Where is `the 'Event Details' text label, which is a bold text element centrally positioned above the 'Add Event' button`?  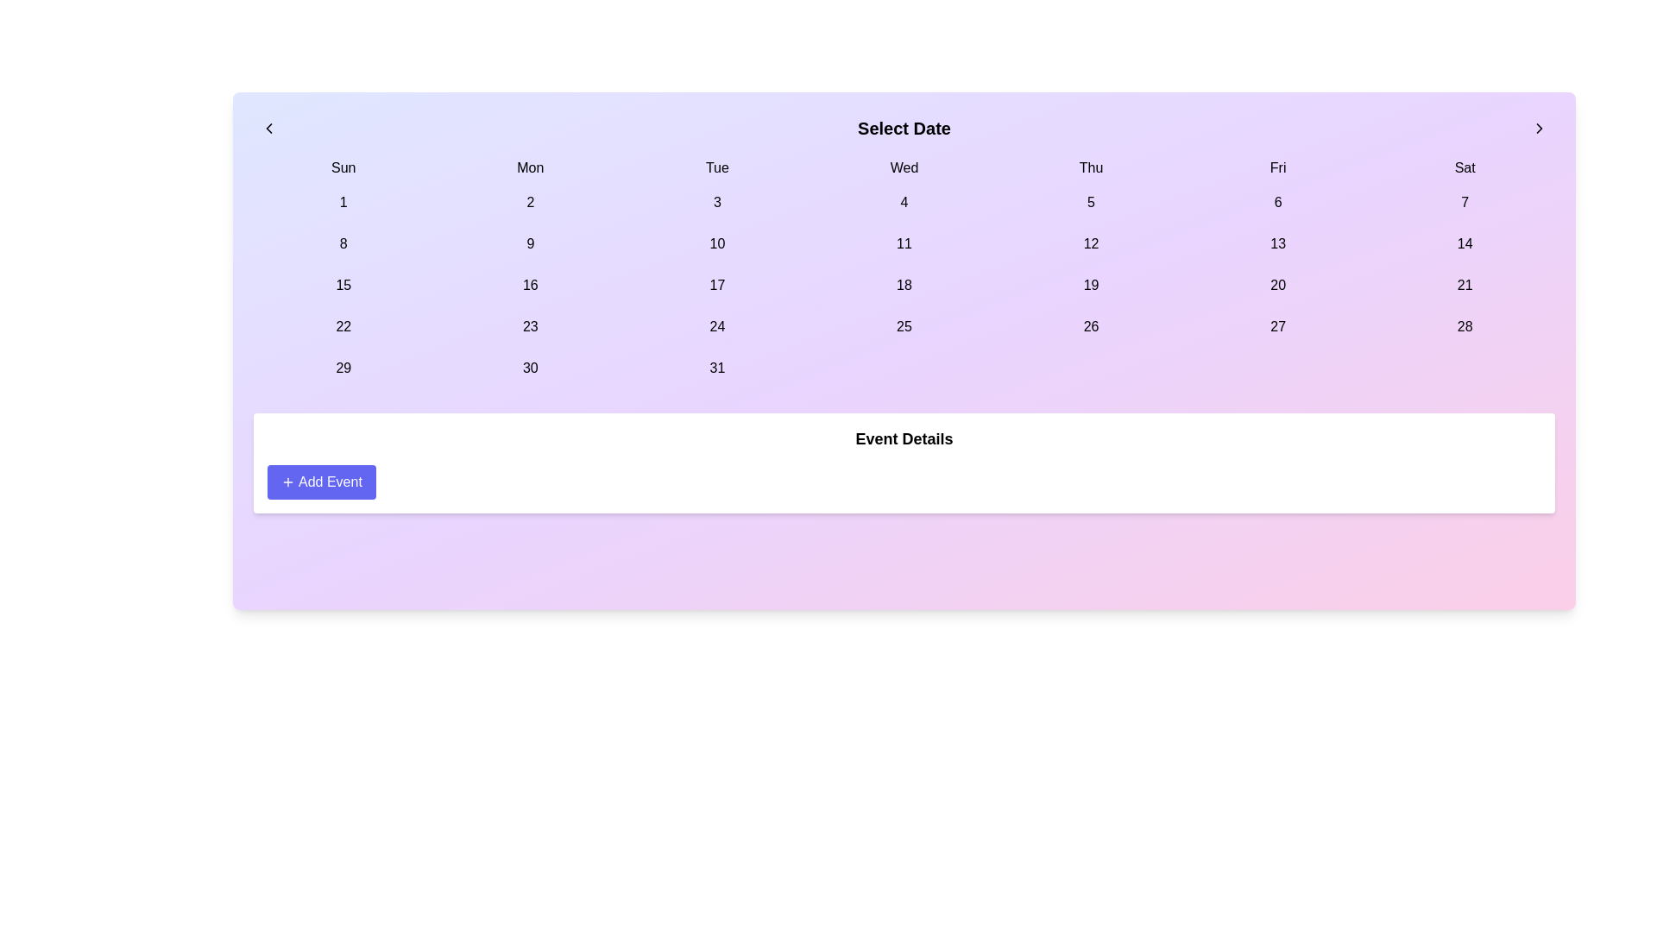 the 'Event Details' text label, which is a bold text element centrally positioned above the 'Add Event' button is located at coordinates (903, 438).